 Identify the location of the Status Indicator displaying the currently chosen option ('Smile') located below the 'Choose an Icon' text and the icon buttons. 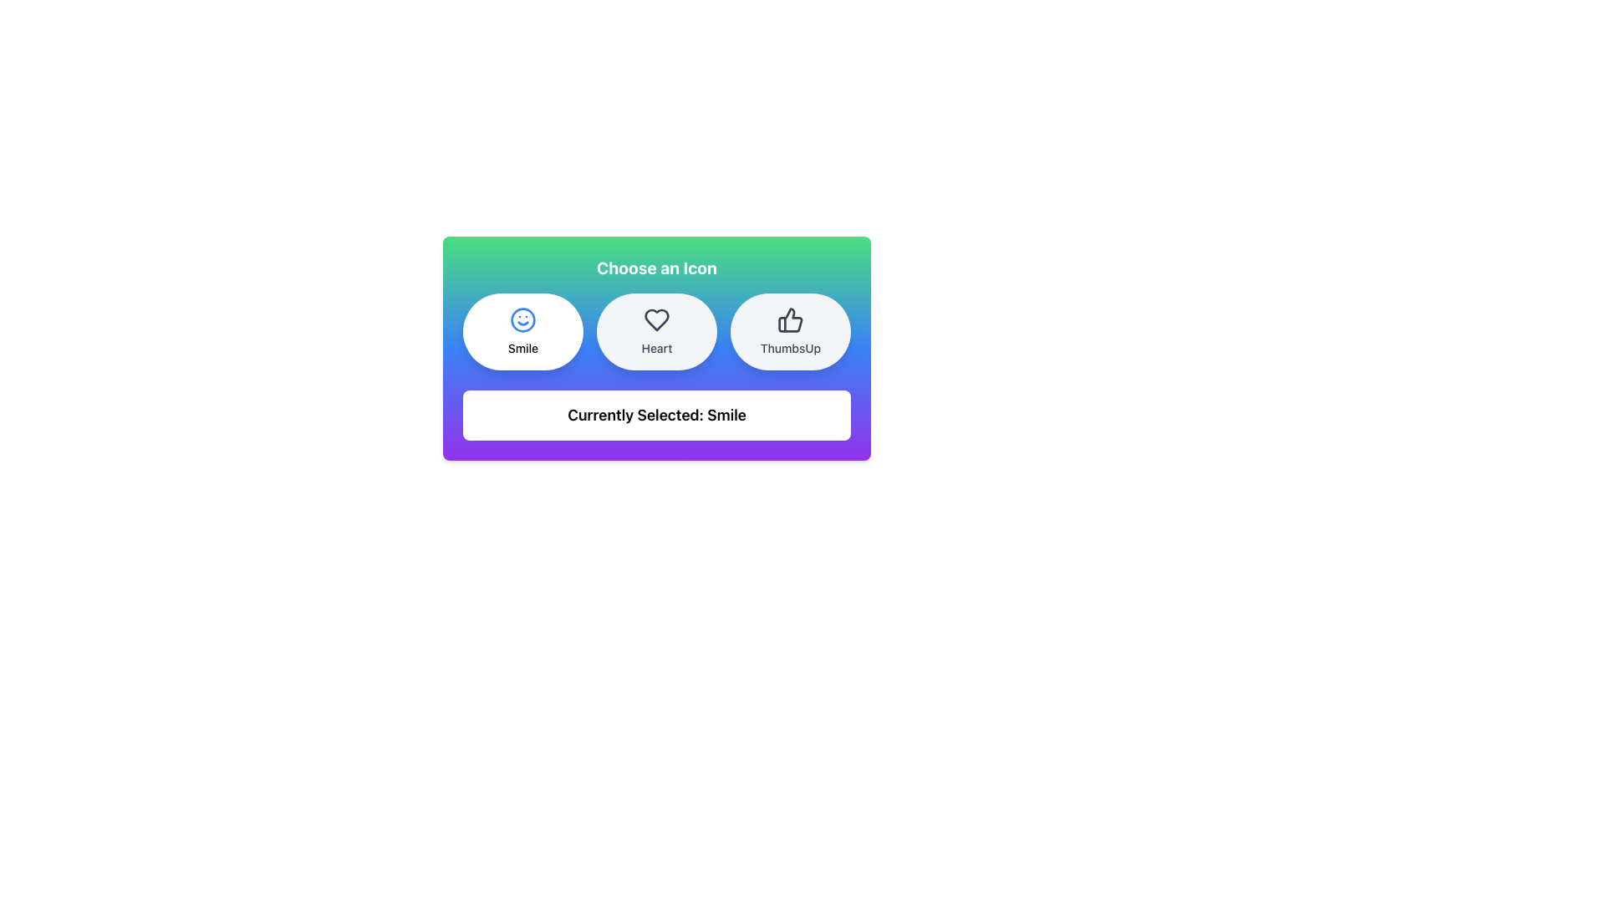
(656, 415).